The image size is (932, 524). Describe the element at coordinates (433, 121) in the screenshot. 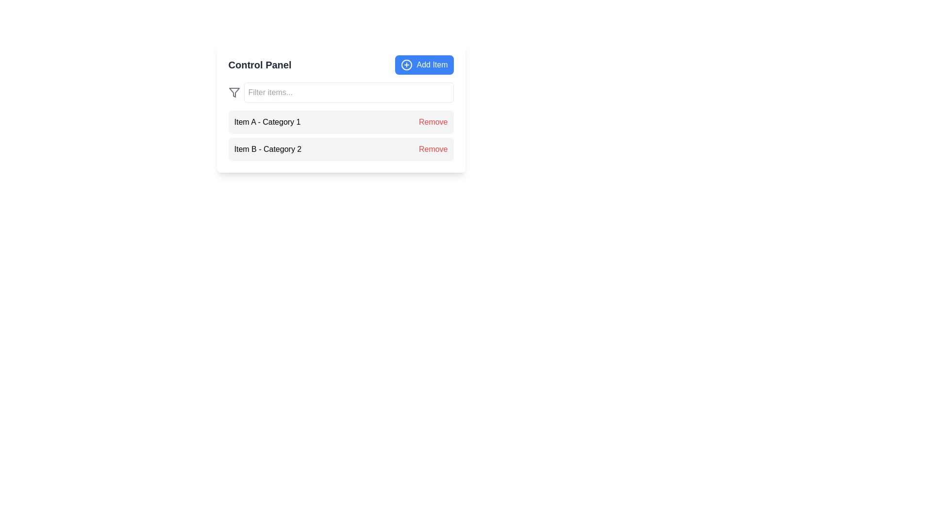

I see `the text-based button labeled 'Remove' styled in bold red font to potentially see additional styling or behavior` at that location.